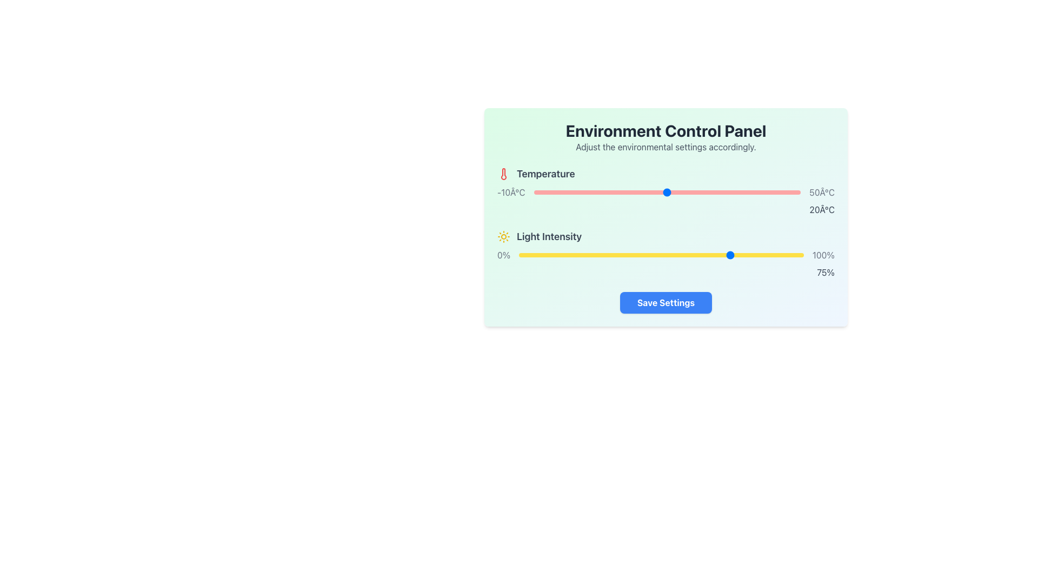 The height and width of the screenshot is (584, 1038). I want to click on the temperature slider, so click(734, 191).